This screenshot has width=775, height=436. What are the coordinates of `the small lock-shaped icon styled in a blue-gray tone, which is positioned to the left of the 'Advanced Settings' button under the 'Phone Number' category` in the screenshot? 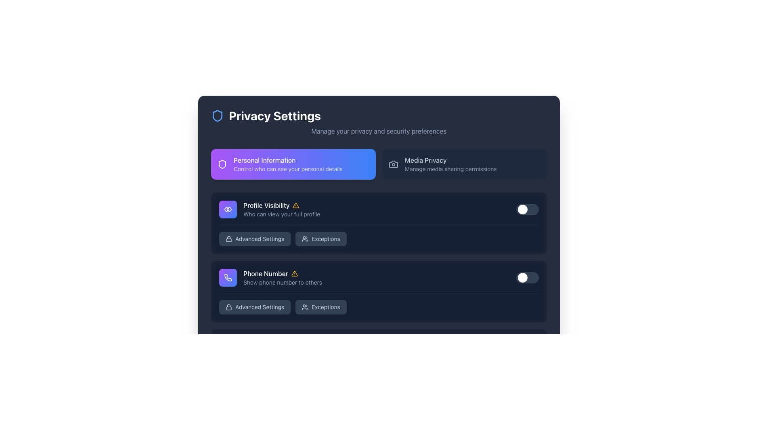 It's located at (228, 307).